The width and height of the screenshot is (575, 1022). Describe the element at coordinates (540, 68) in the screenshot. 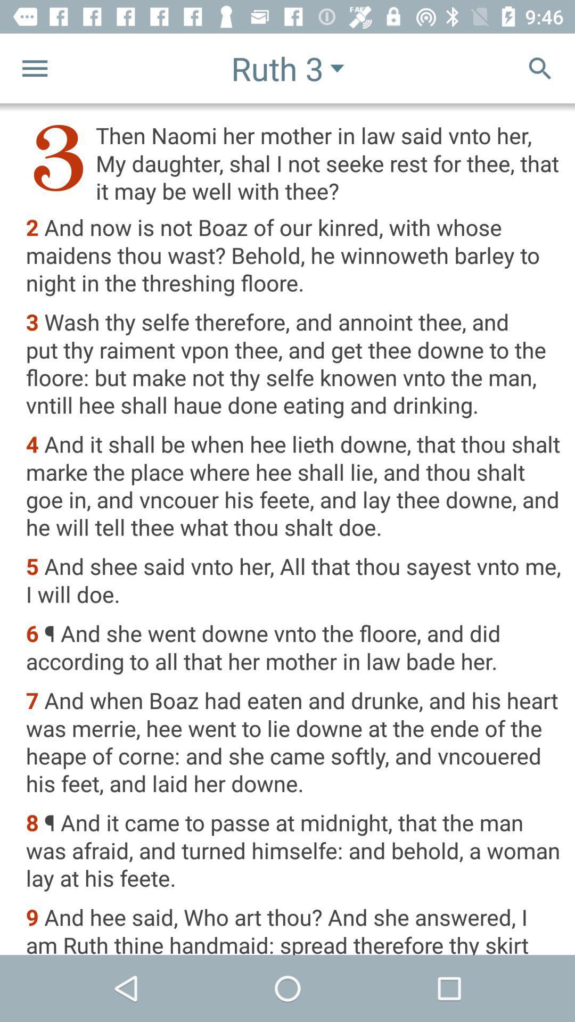

I see `the search icon` at that location.